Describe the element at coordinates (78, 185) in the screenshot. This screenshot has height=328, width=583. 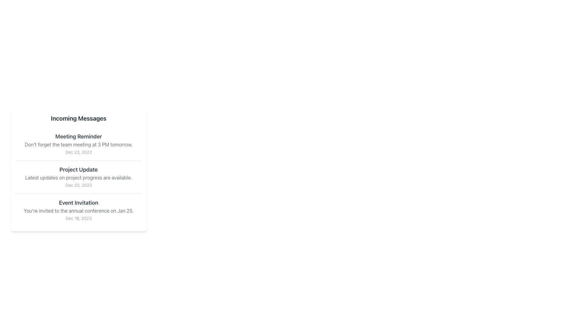
I see `date displayed in the text label showing 'Dec 20, 2023', which is located below the paragraph 'Latest updates on project progress are available.' and the header 'Project Update'` at that location.